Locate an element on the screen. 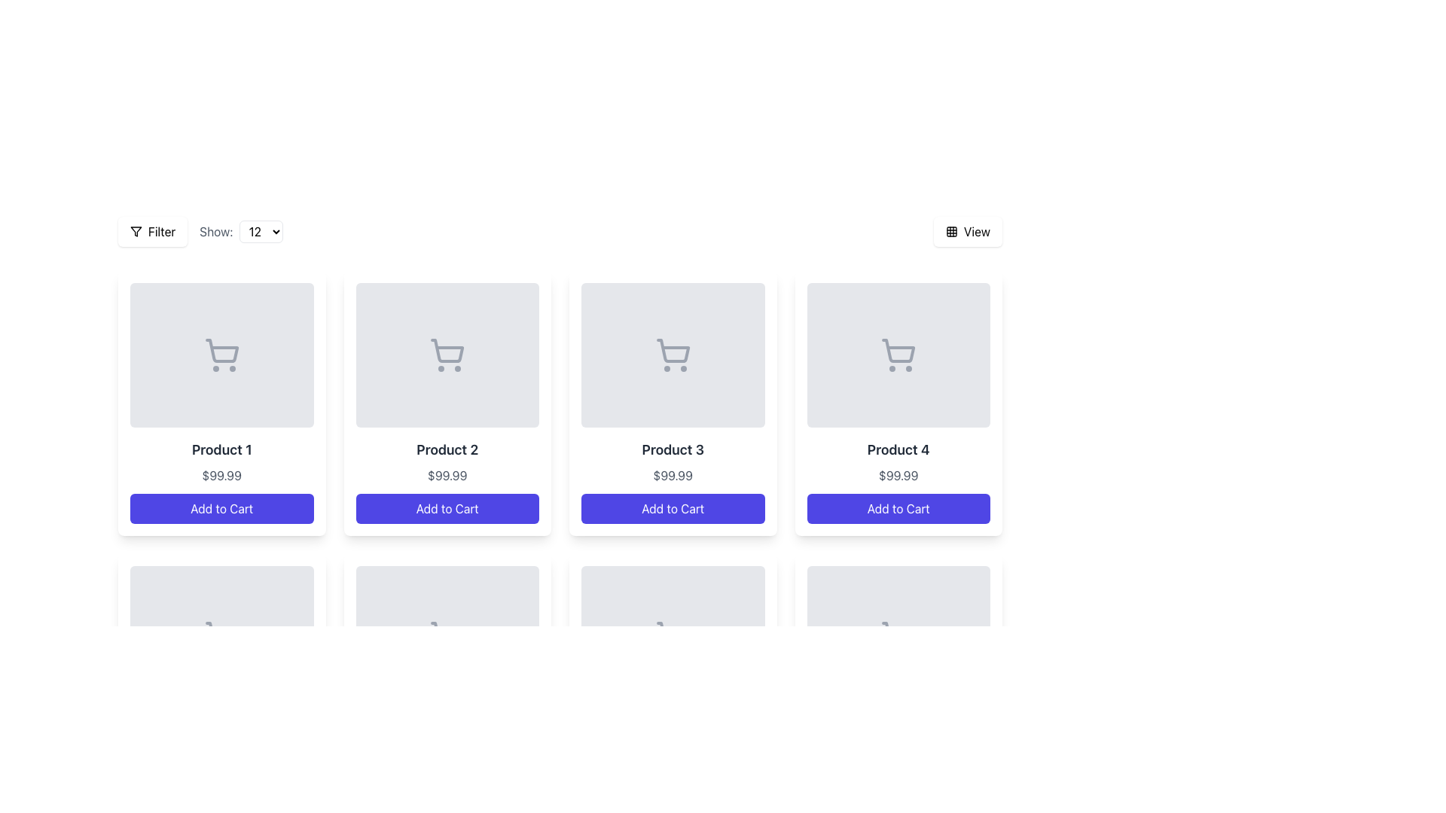 The height and width of the screenshot is (813, 1446). the 'Add to Cart' button, which is a rounded button with a blue background and white text, located at the bottom of the 'Product 1' card is located at coordinates (221, 508).